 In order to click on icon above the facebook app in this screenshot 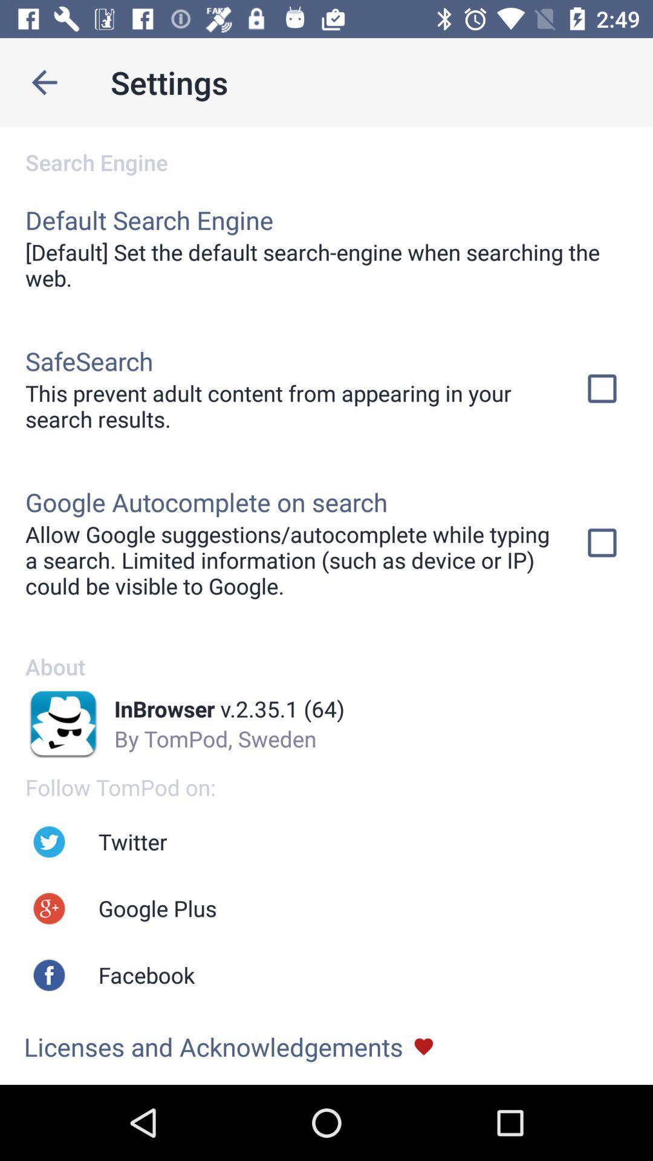, I will do `click(157, 908)`.